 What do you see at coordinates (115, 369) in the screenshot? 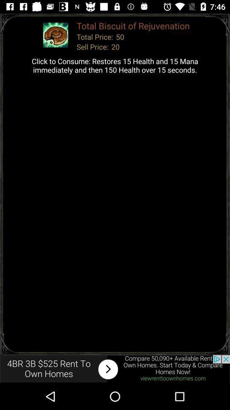
I see `forword` at bounding box center [115, 369].